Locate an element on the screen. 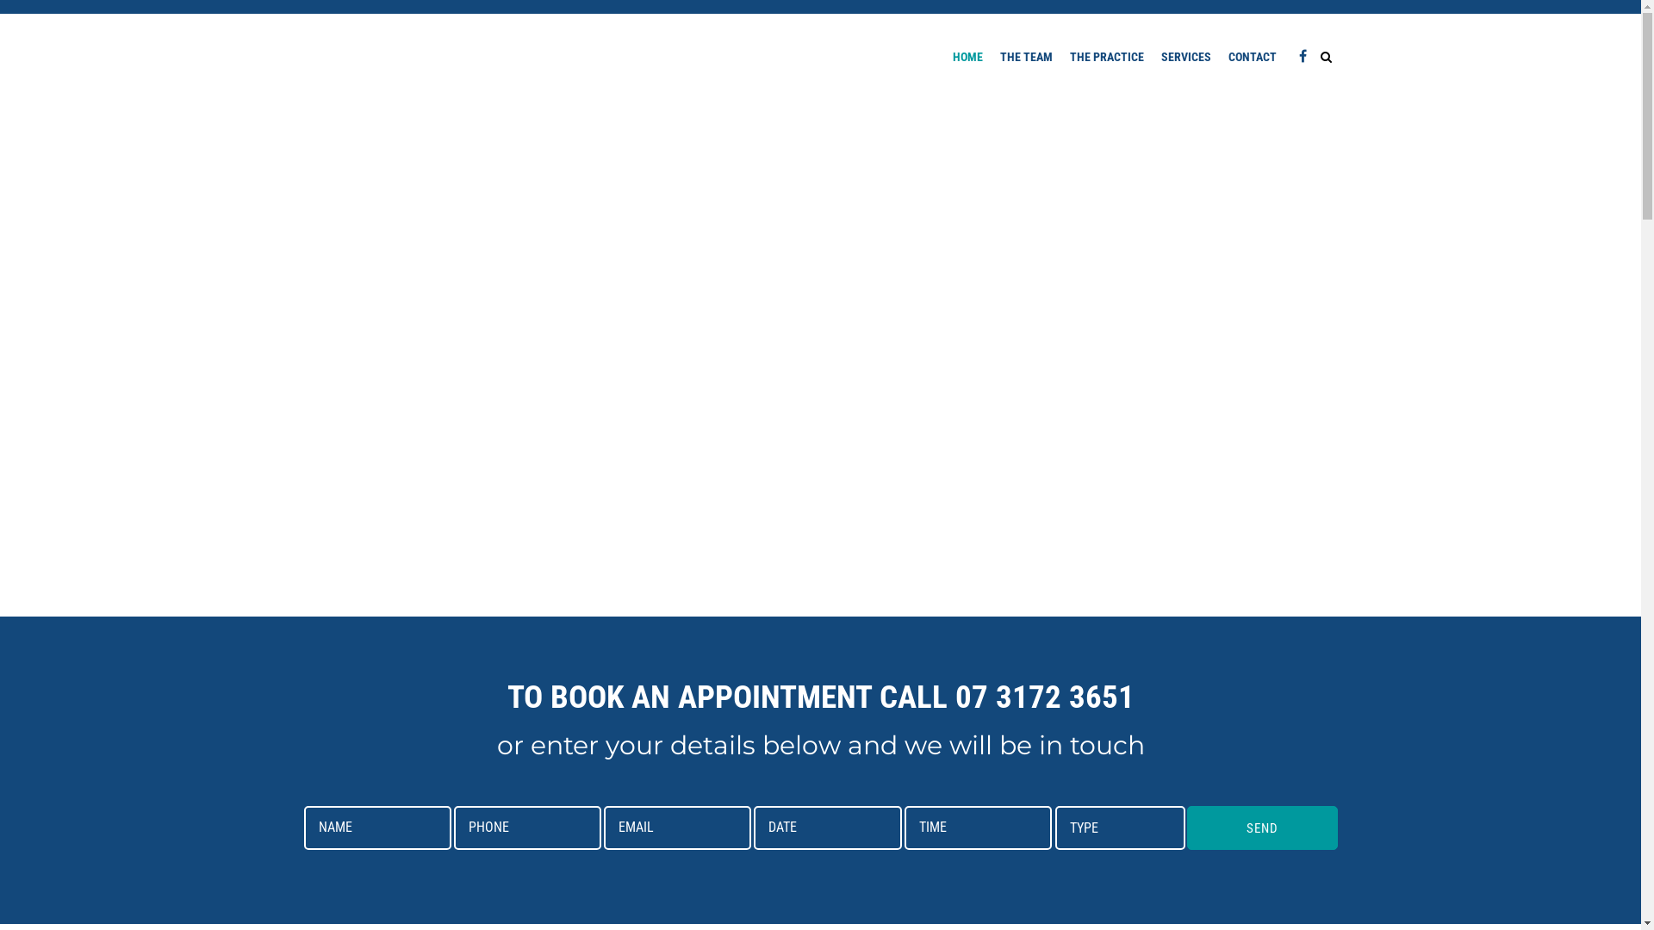 The image size is (1654, 930). 'THE TEAM' is located at coordinates (1025, 55).